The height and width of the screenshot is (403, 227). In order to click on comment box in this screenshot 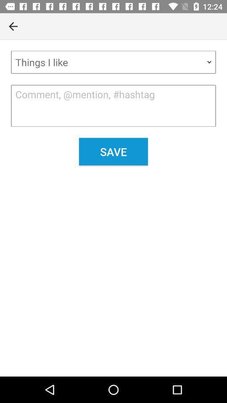, I will do `click(113, 105)`.